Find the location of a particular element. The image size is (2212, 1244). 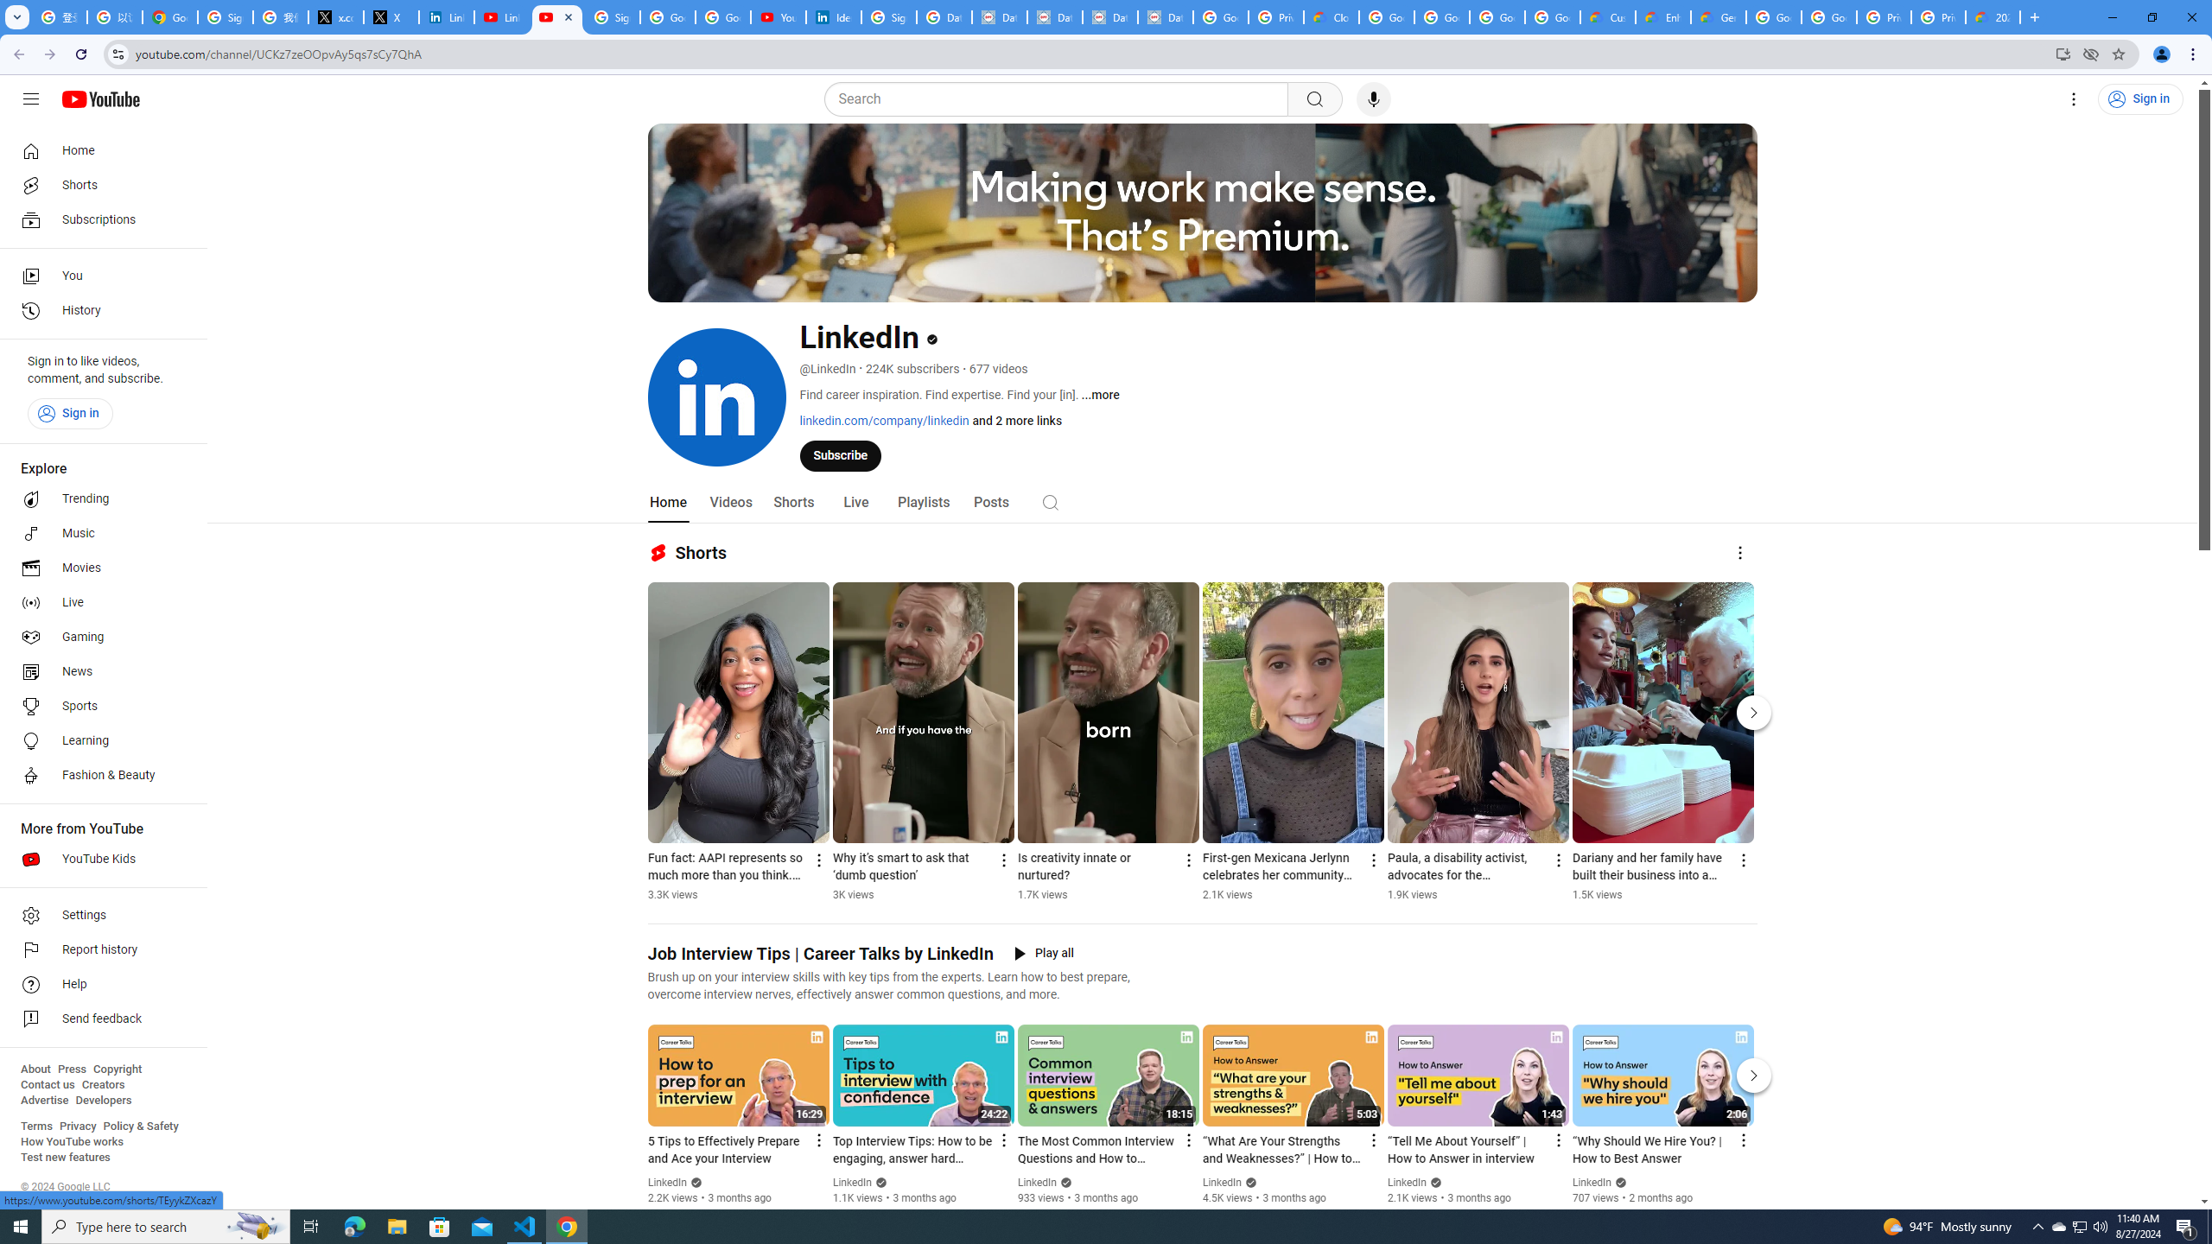

'YouTube Home' is located at coordinates (99, 98).